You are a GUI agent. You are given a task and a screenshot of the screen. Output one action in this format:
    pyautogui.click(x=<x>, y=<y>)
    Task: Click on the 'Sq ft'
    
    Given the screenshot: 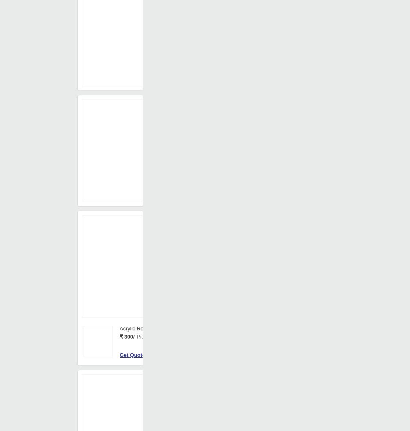 What is the action you would take?
    pyautogui.click(x=231, y=116)
    